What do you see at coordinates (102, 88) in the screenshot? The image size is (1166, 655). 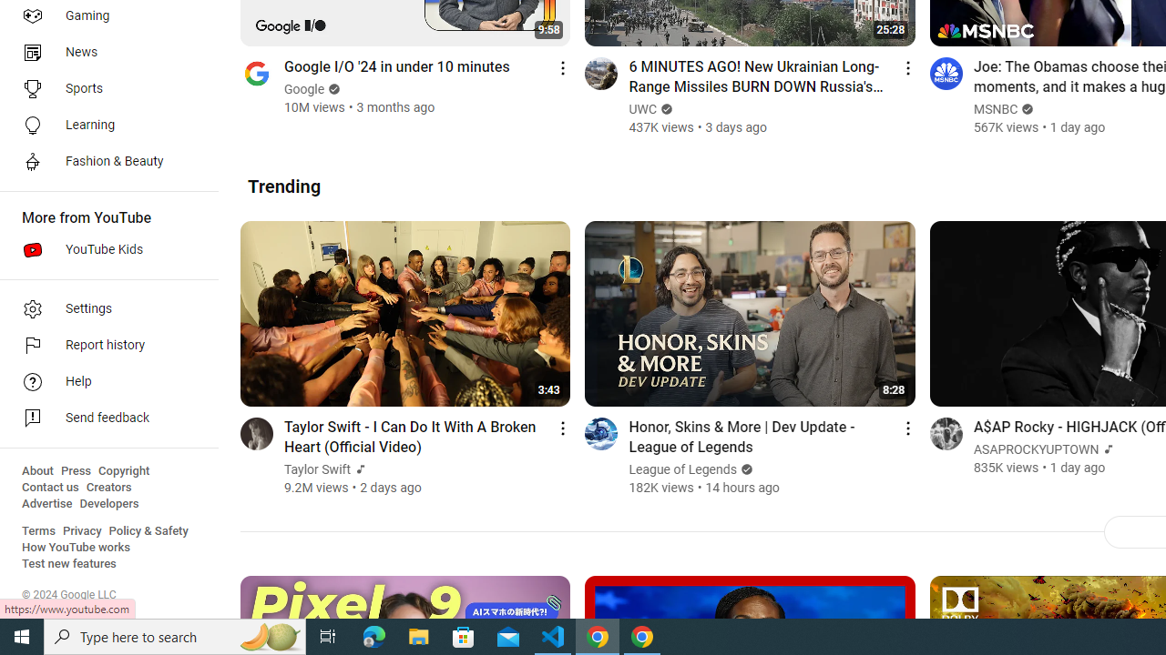 I see `'Sports'` at bounding box center [102, 88].